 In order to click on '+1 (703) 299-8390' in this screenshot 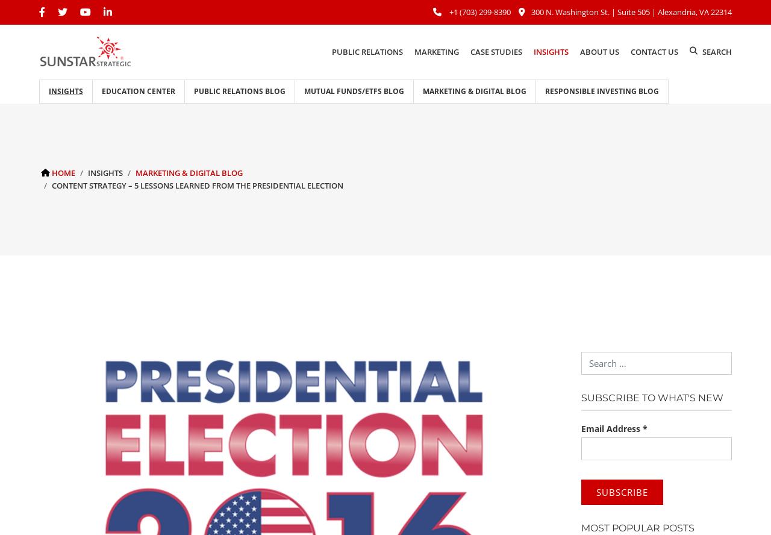, I will do `click(479, 11)`.